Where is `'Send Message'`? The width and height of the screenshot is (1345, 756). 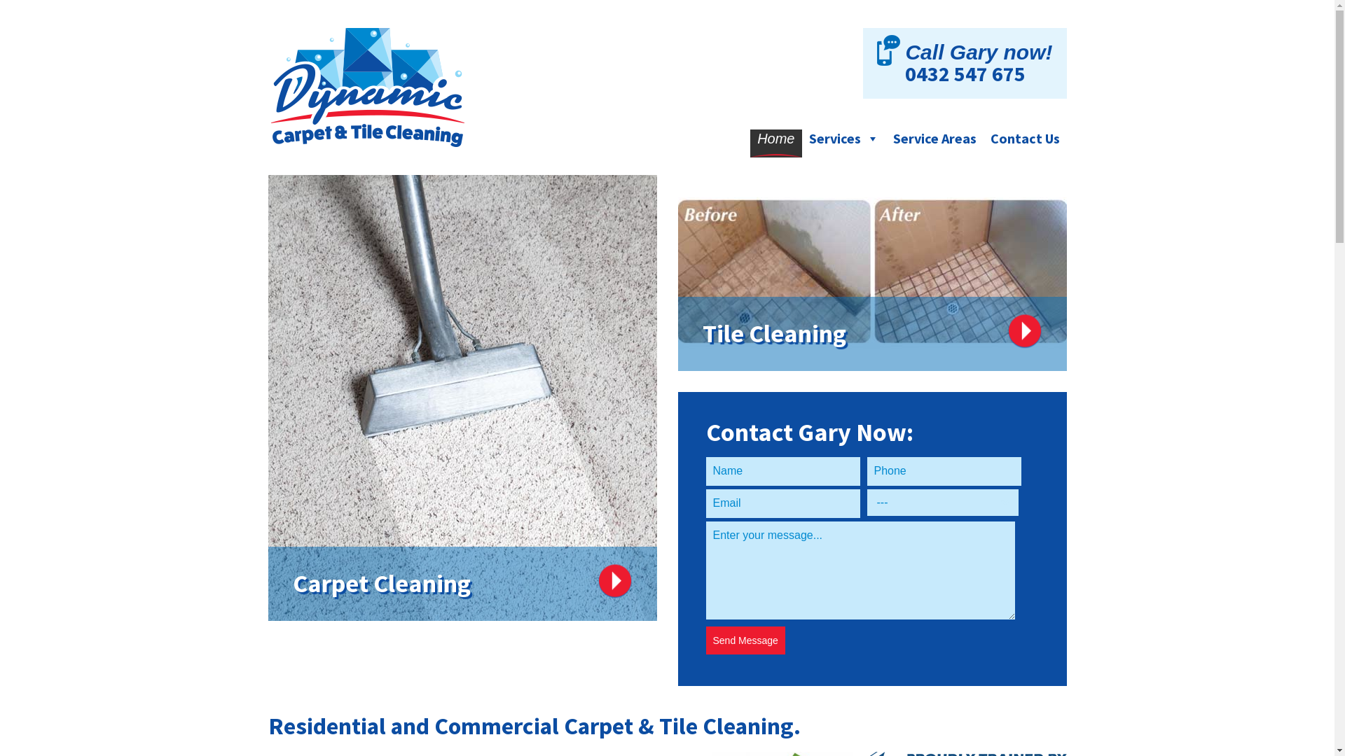
'Send Message' is located at coordinates (745, 640).